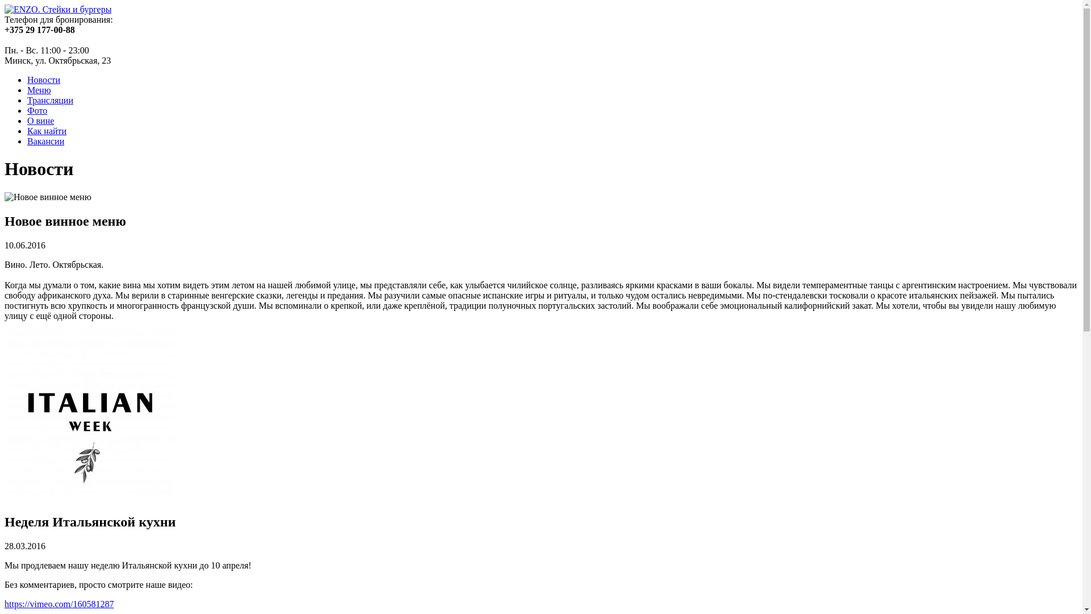  What do you see at coordinates (59, 603) in the screenshot?
I see `'https://vimeo.com/160581287'` at bounding box center [59, 603].